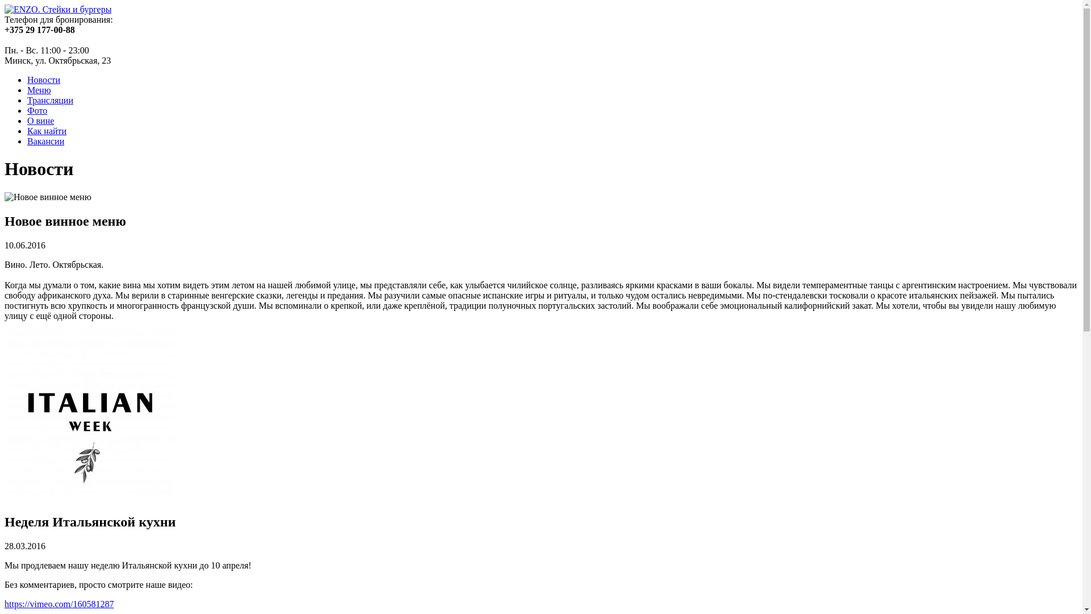  What do you see at coordinates (59, 603) in the screenshot?
I see `'https://vimeo.com/160581287'` at bounding box center [59, 603].